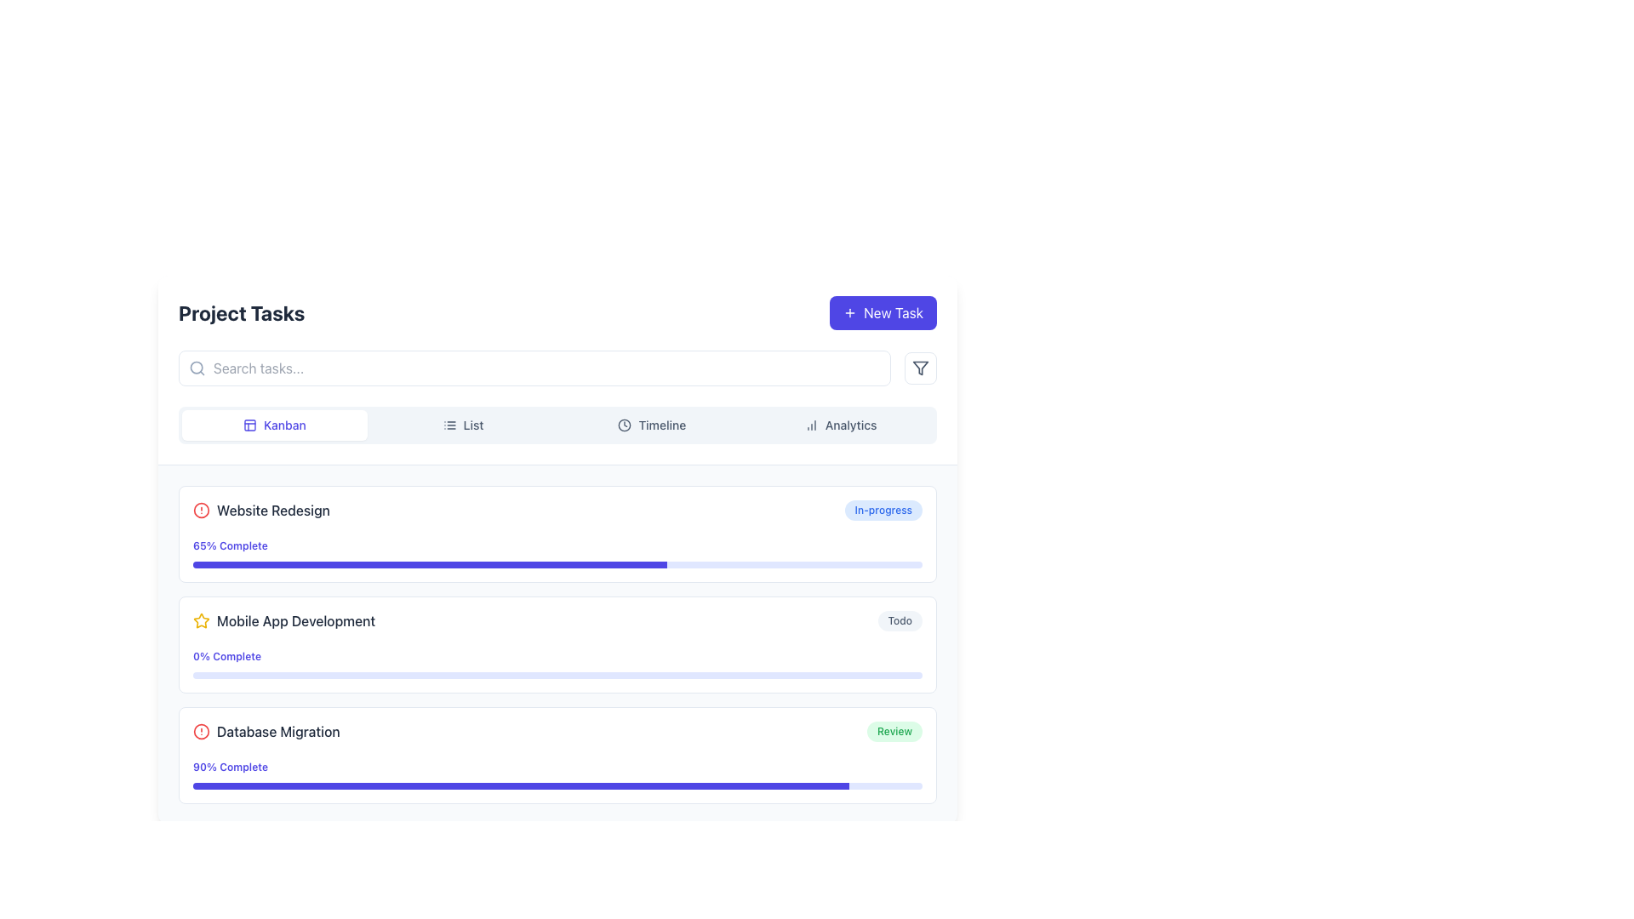  I want to click on the star icon located to the left of the text 'Mobile App Development' to possibly reveal additional information, so click(201, 620).